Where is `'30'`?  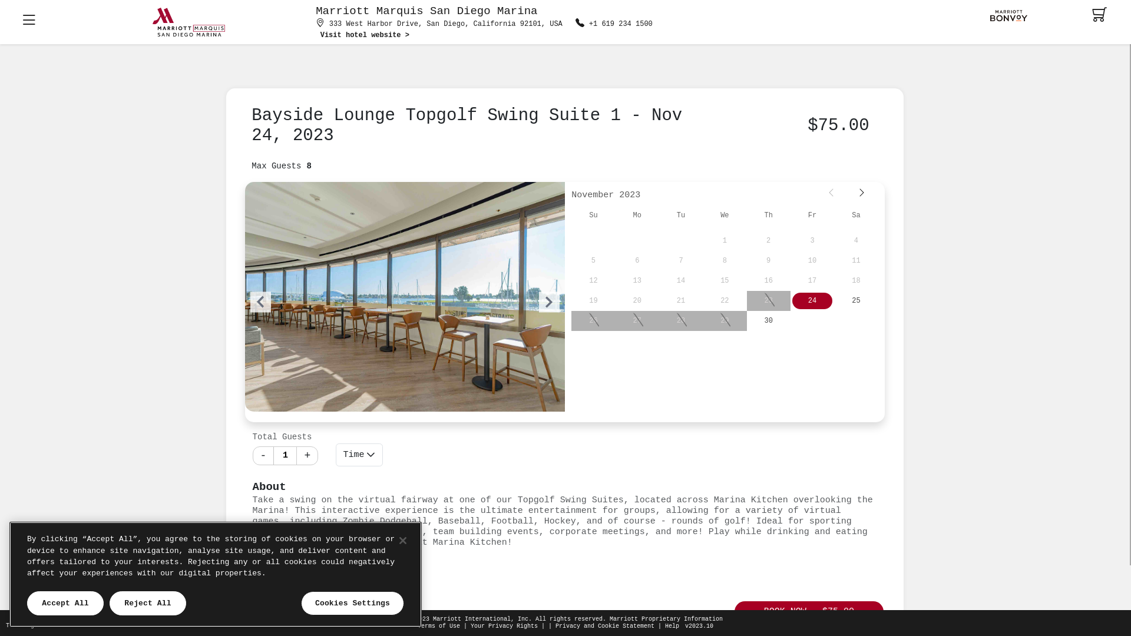
'30' is located at coordinates (769, 320).